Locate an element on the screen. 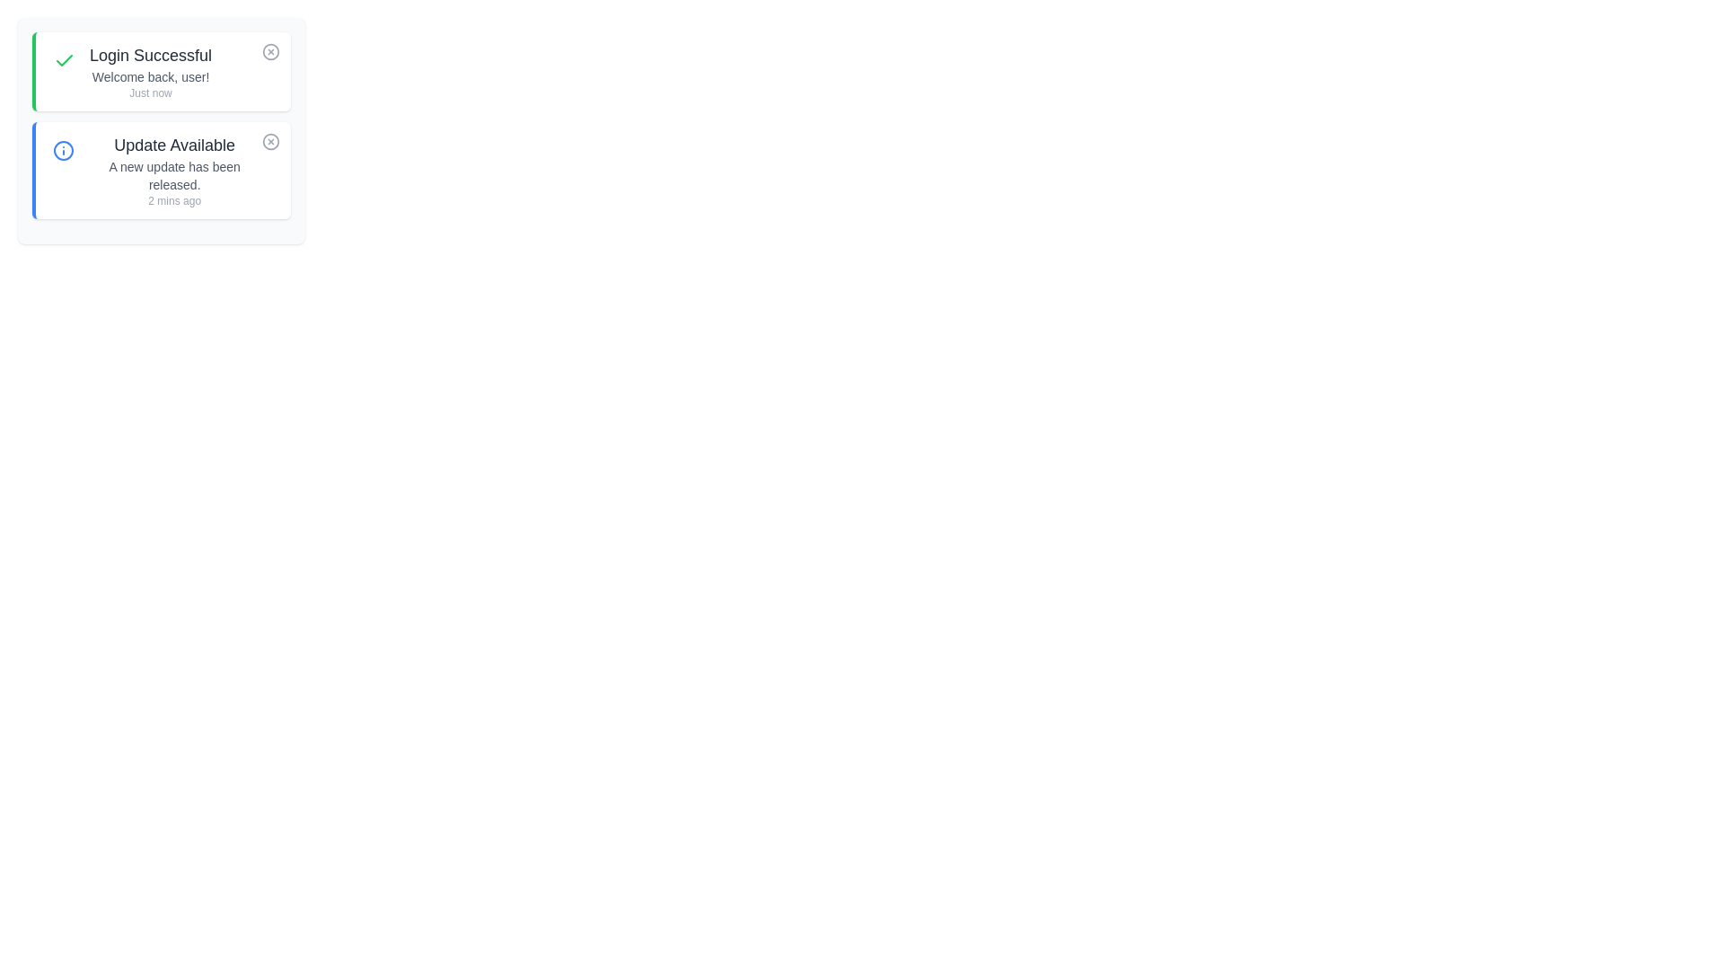 Image resolution: width=1724 pixels, height=970 pixels. text of the Notification Message Content that confirms a successful login event, located to the right of the green checkmark icon is located at coordinates (151, 71).